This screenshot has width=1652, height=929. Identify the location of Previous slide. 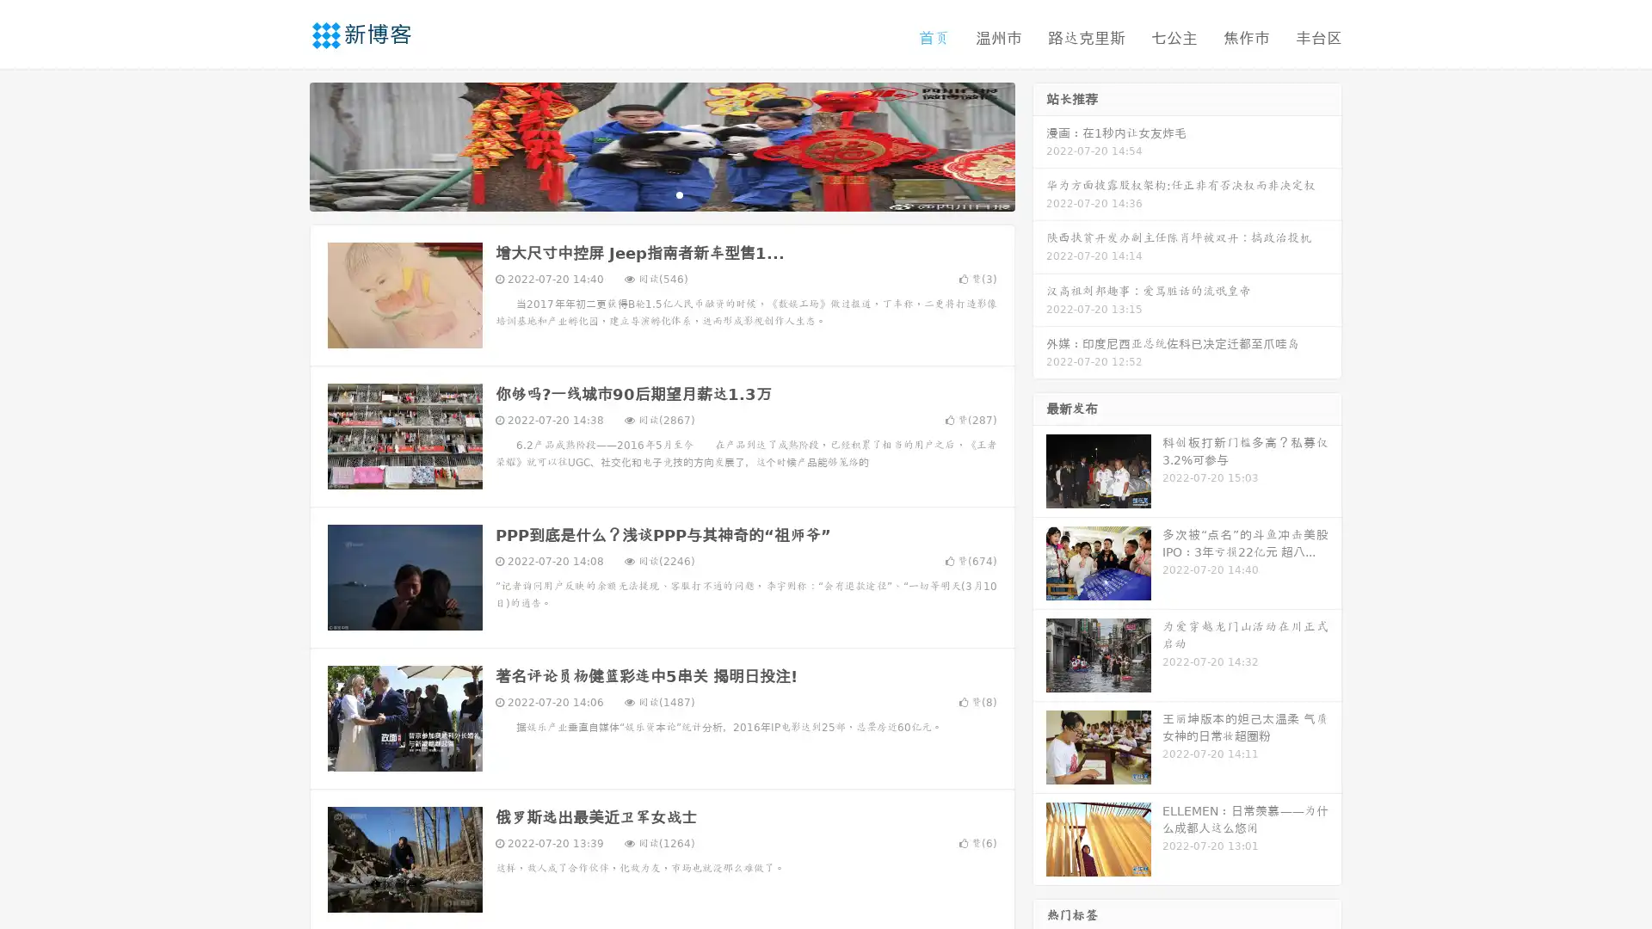
(284, 145).